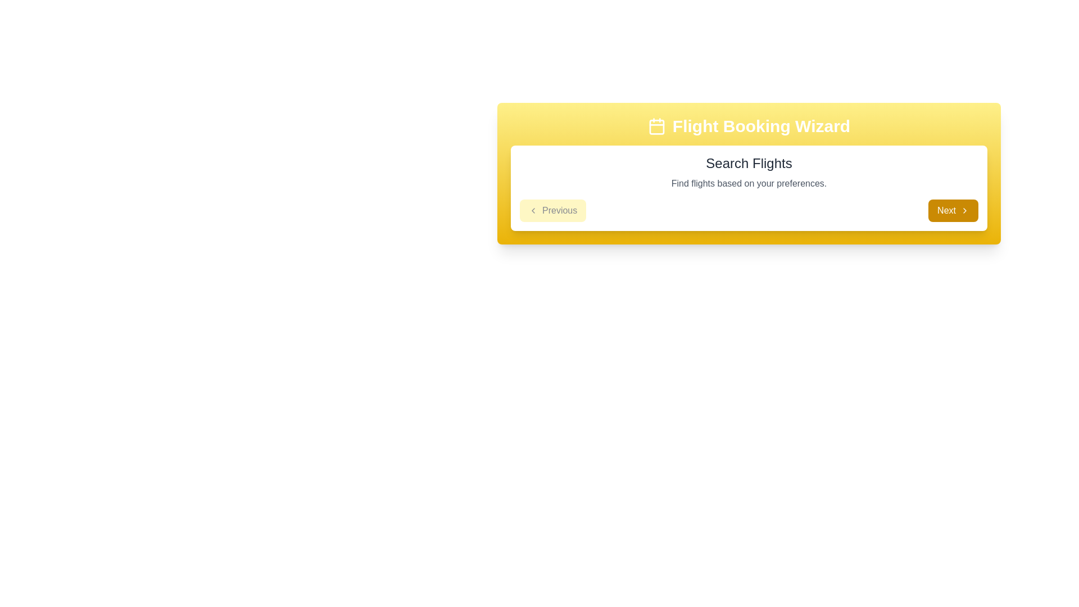 The width and height of the screenshot is (1079, 607). Describe the element at coordinates (552, 210) in the screenshot. I see `the navigation button located at the bottom section of the content card, which is used to move to the previous step or page` at that location.